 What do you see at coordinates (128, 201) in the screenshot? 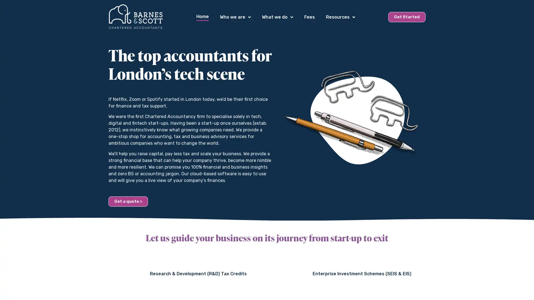
I see `Get a quote >` at bounding box center [128, 201].